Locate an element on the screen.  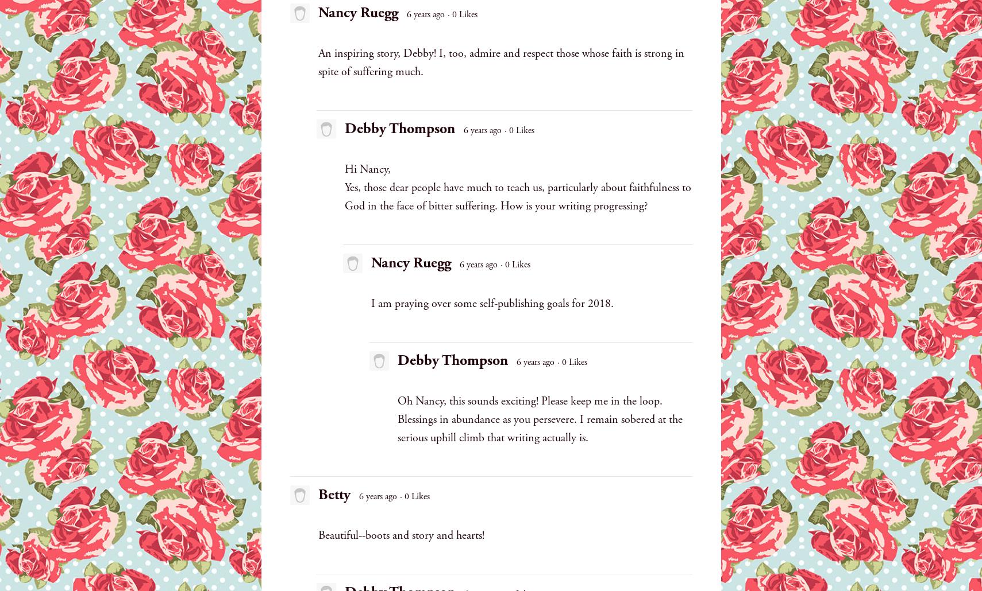
'Hi Nancy,' is located at coordinates (366, 168).